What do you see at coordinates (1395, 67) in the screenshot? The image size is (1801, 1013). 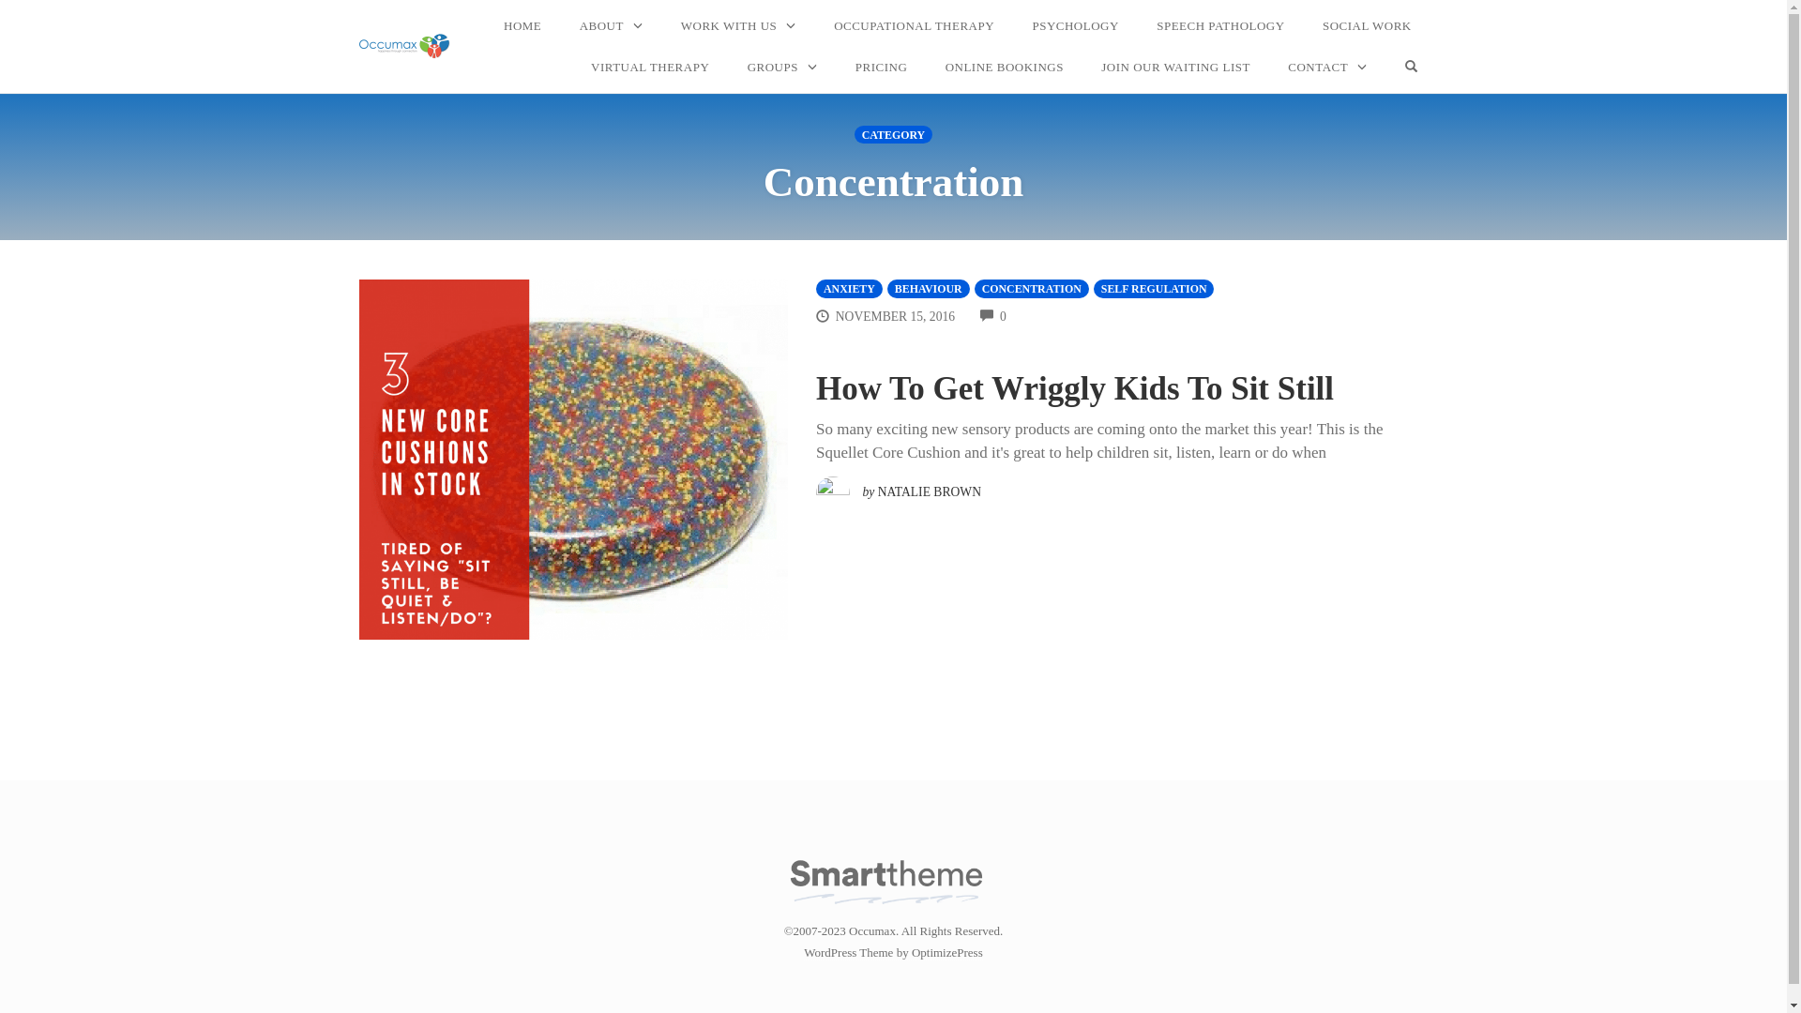 I see `'OPEN SEARCH FORM'` at bounding box center [1395, 67].